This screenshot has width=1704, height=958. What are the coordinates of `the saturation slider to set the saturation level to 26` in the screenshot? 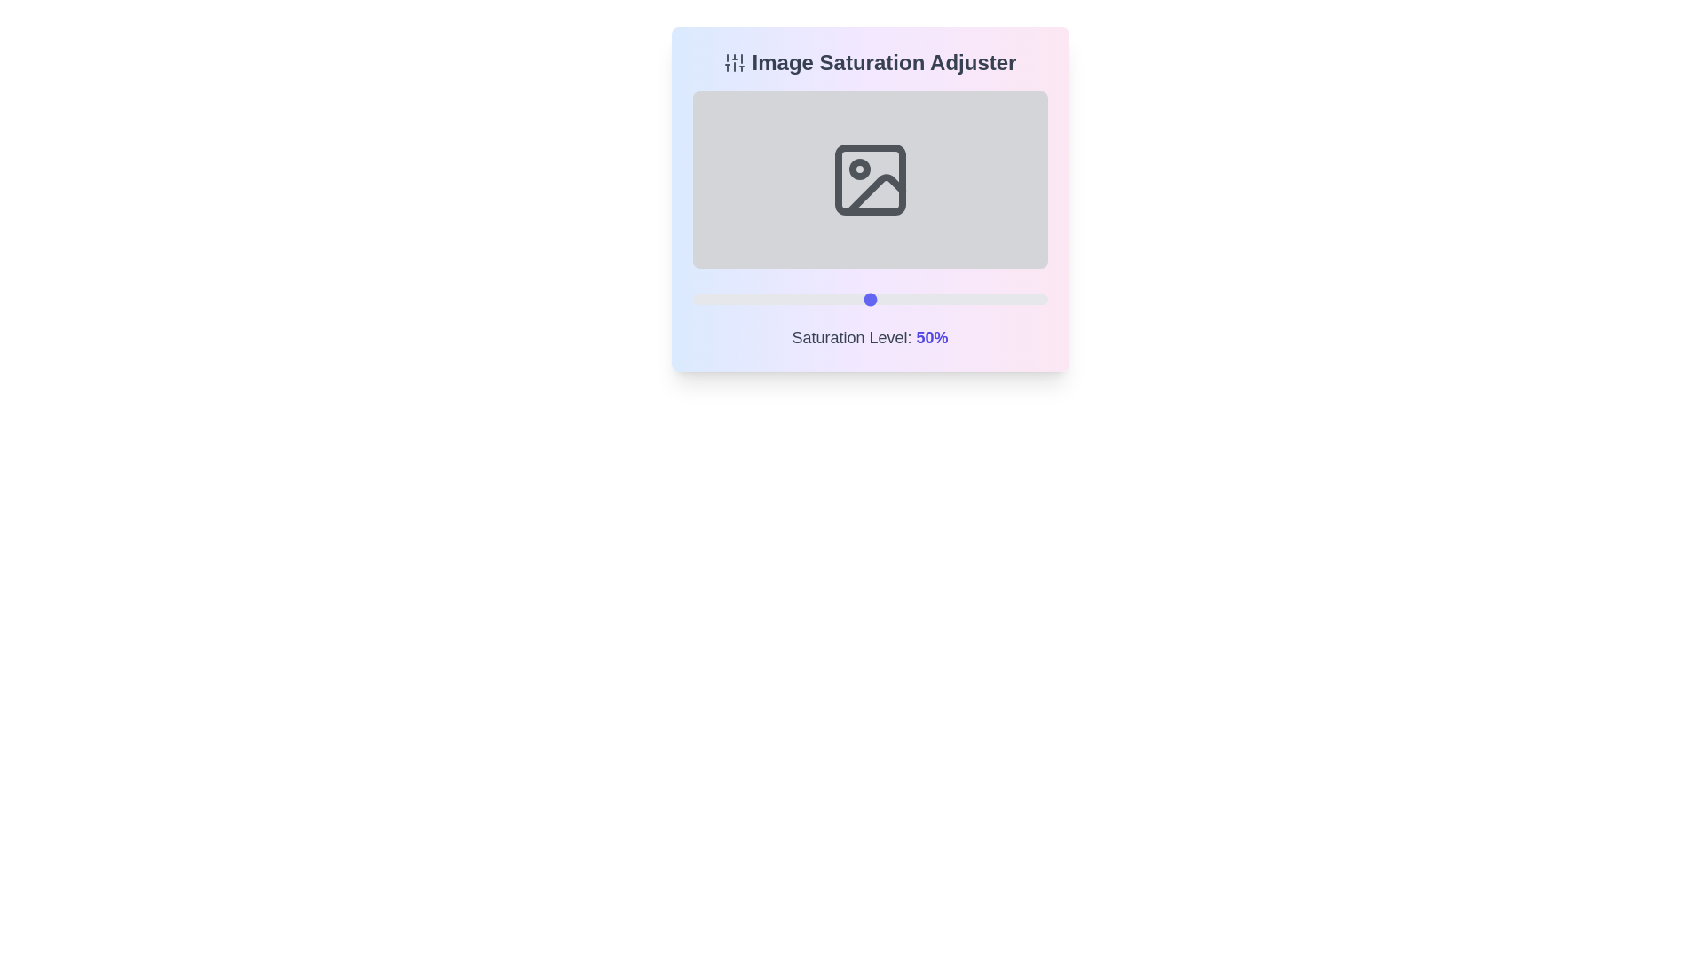 It's located at (784, 299).